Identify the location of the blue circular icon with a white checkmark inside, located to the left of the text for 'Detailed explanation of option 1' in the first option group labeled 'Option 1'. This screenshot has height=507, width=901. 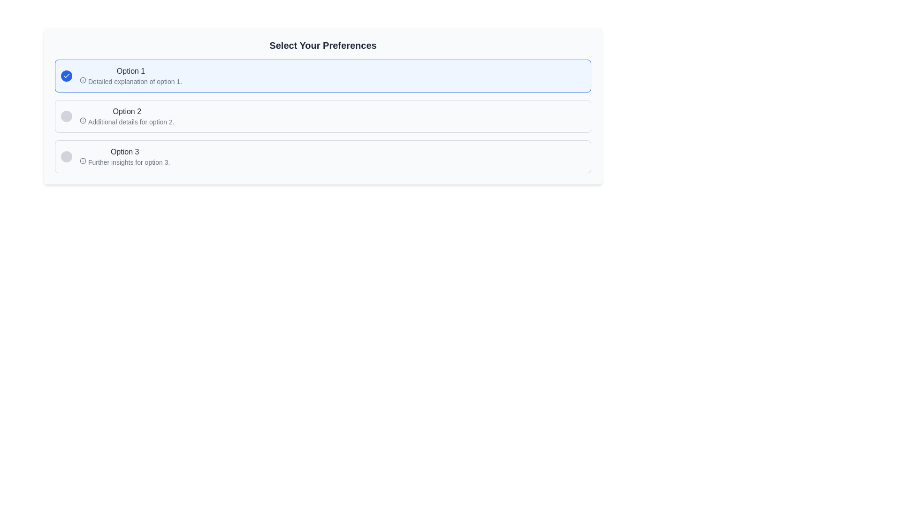
(66, 76).